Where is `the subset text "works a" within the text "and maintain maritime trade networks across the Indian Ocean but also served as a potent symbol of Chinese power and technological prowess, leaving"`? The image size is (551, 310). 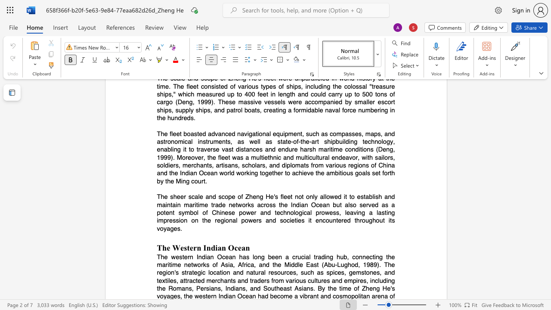 the subset text "works a" within the text "and maintain maritime trade networks across the Indian Ocean but also served as a potent symbol of Chinese power and technological prowess, leaving" is located at coordinates (237, 205).